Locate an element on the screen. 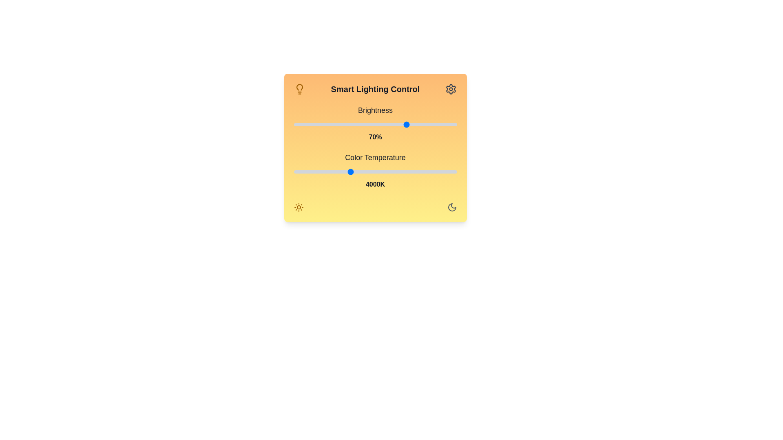 The height and width of the screenshot is (440, 783). the Moon icon to change the lighting mode is located at coordinates (451, 207).